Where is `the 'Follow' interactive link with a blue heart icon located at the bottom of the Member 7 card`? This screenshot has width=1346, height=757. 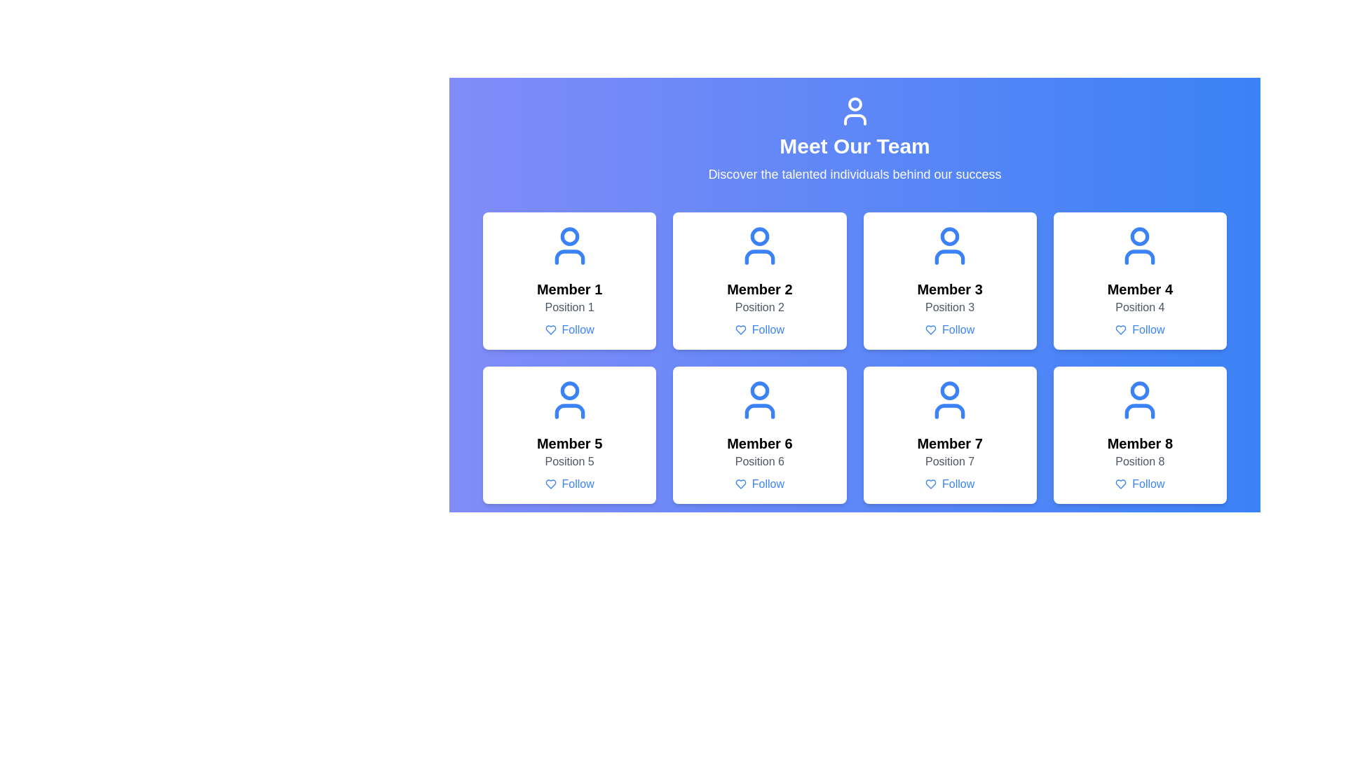
the 'Follow' interactive link with a blue heart icon located at the bottom of the Member 7 card is located at coordinates (950, 483).